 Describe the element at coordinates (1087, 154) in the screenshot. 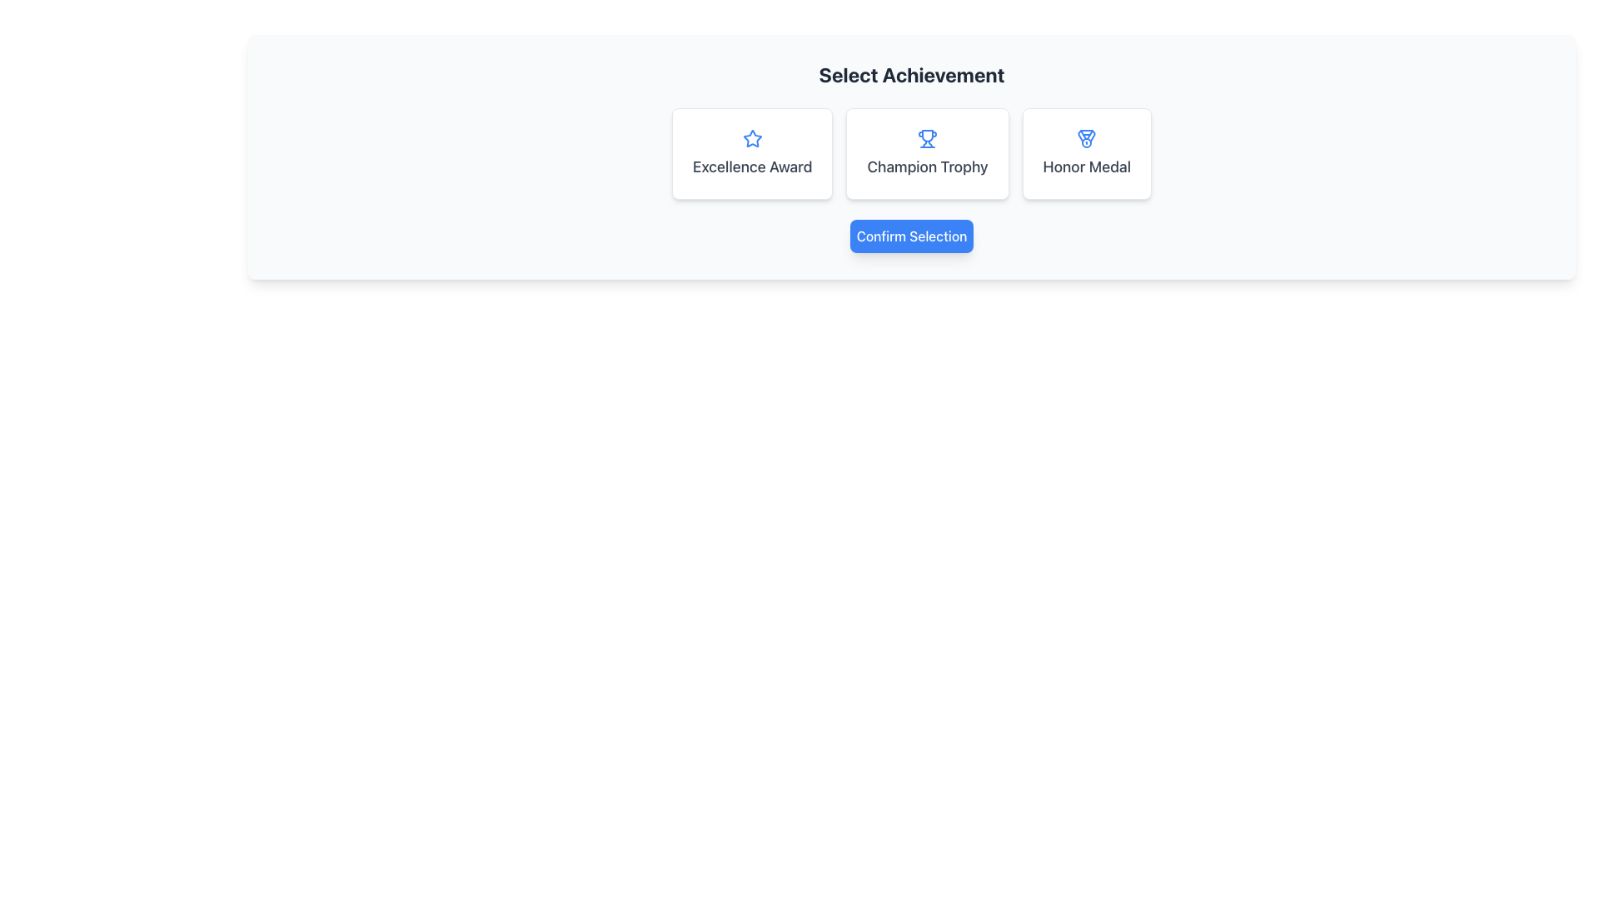

I see `the 'Honor Medal' card, which is a rectangular card with rounded corners, a white background, and a blue medal icon at the top-center` at that location.